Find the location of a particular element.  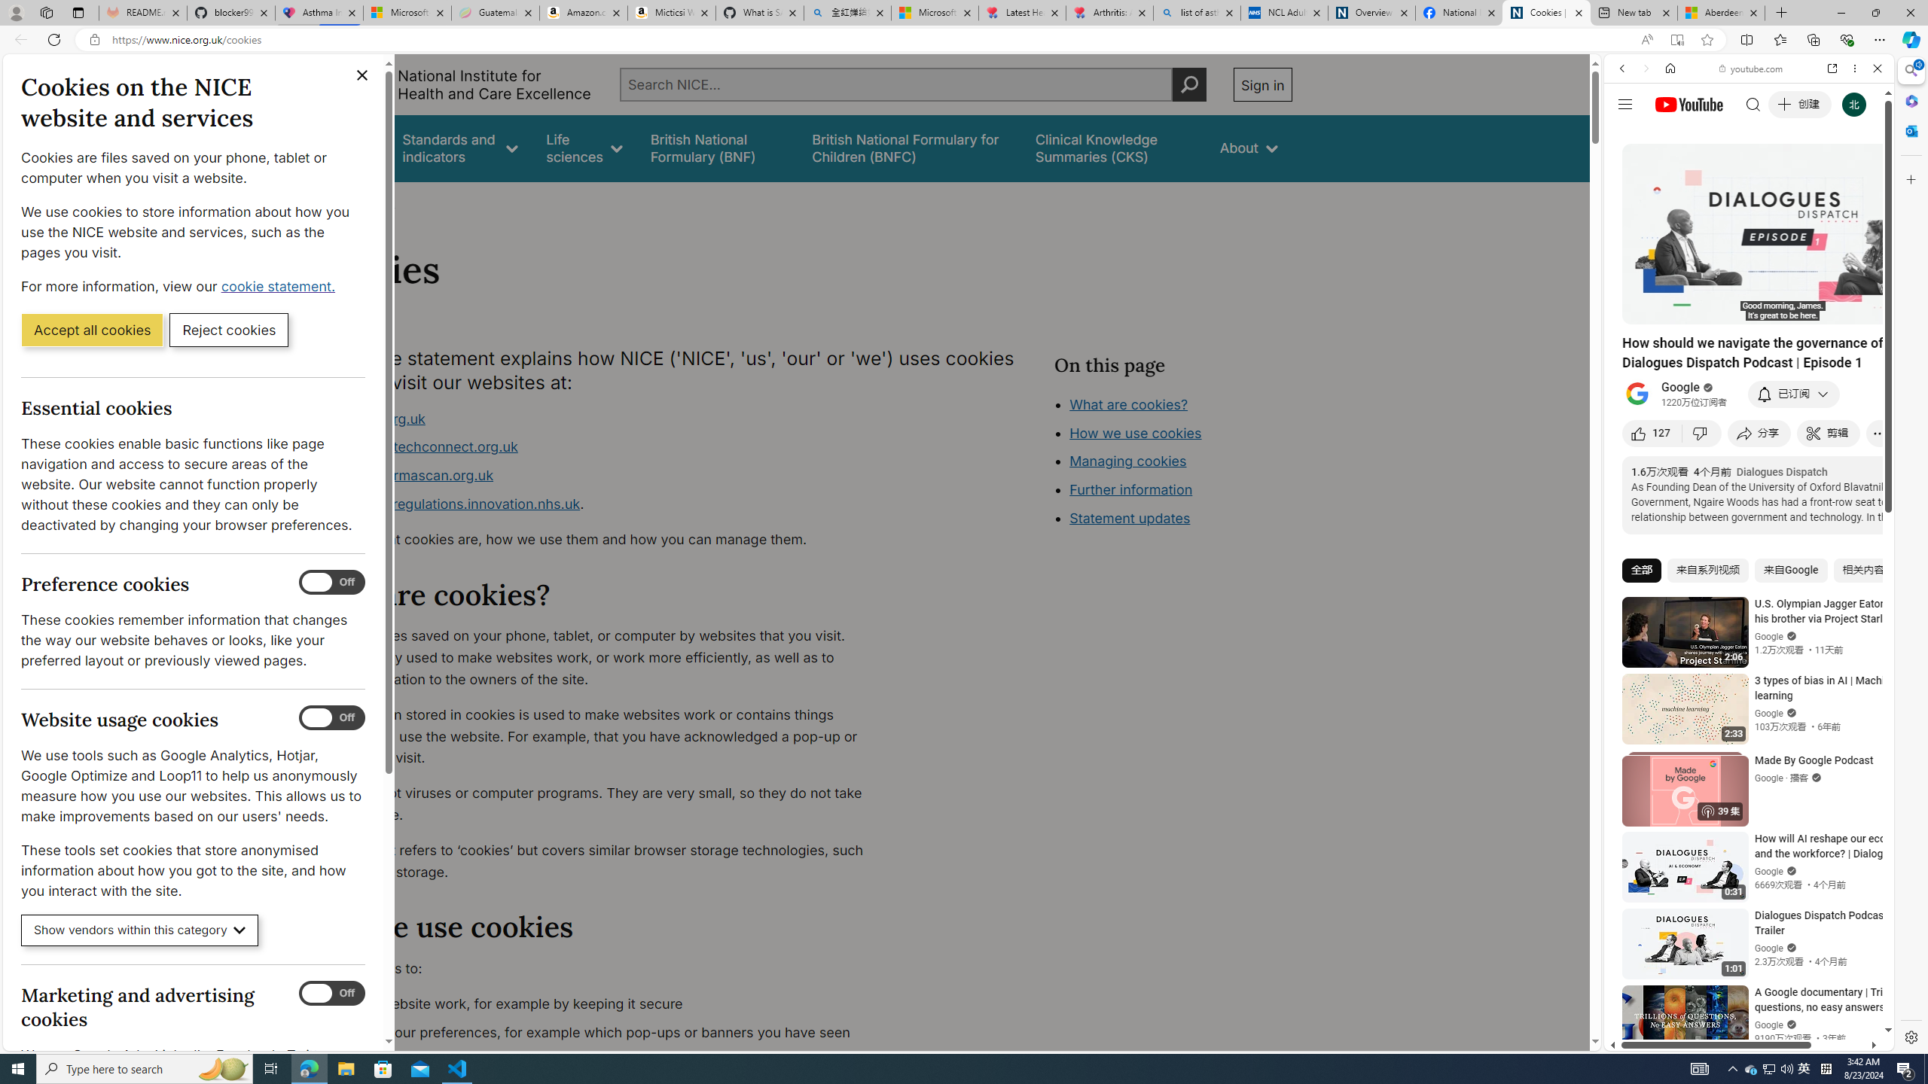

'Aberdeen, Hong Kong SAR hourly forecast | Microsoft Weather' is located at coordinates (1722, 12).